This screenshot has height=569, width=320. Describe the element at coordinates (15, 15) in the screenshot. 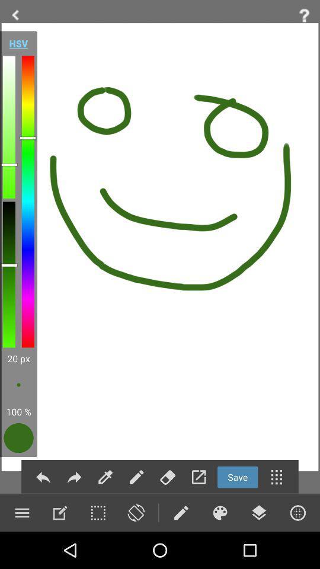

I see `previous` at that location.